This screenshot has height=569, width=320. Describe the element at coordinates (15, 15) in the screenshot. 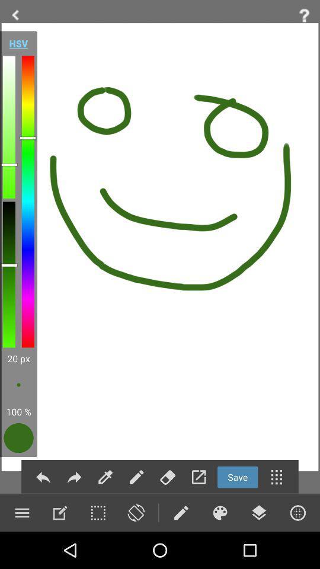

I see `previous` at that location.